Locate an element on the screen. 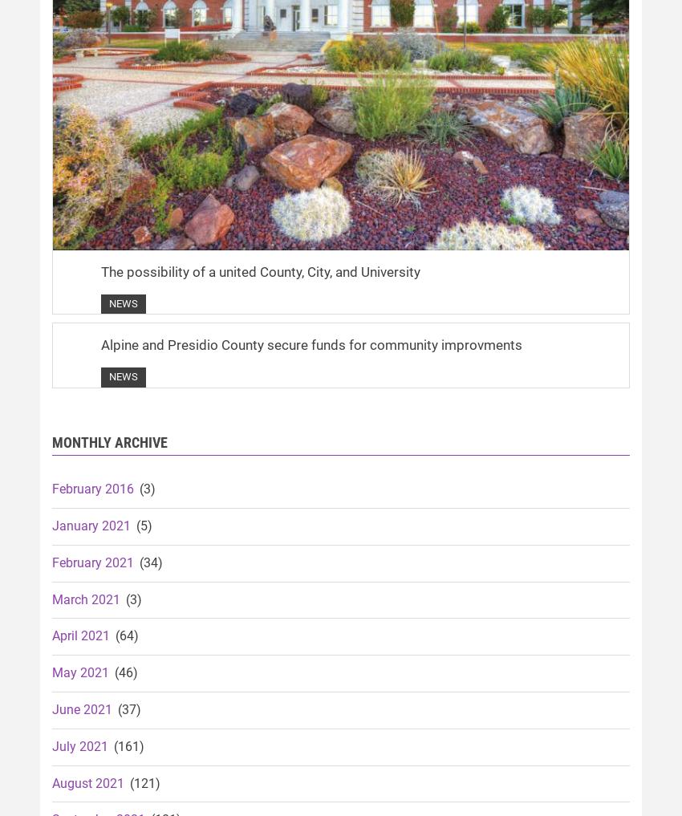 Image resolution: width=682 pixels, height=816 pixels. '(5)' is located at coordinates (141, 525).